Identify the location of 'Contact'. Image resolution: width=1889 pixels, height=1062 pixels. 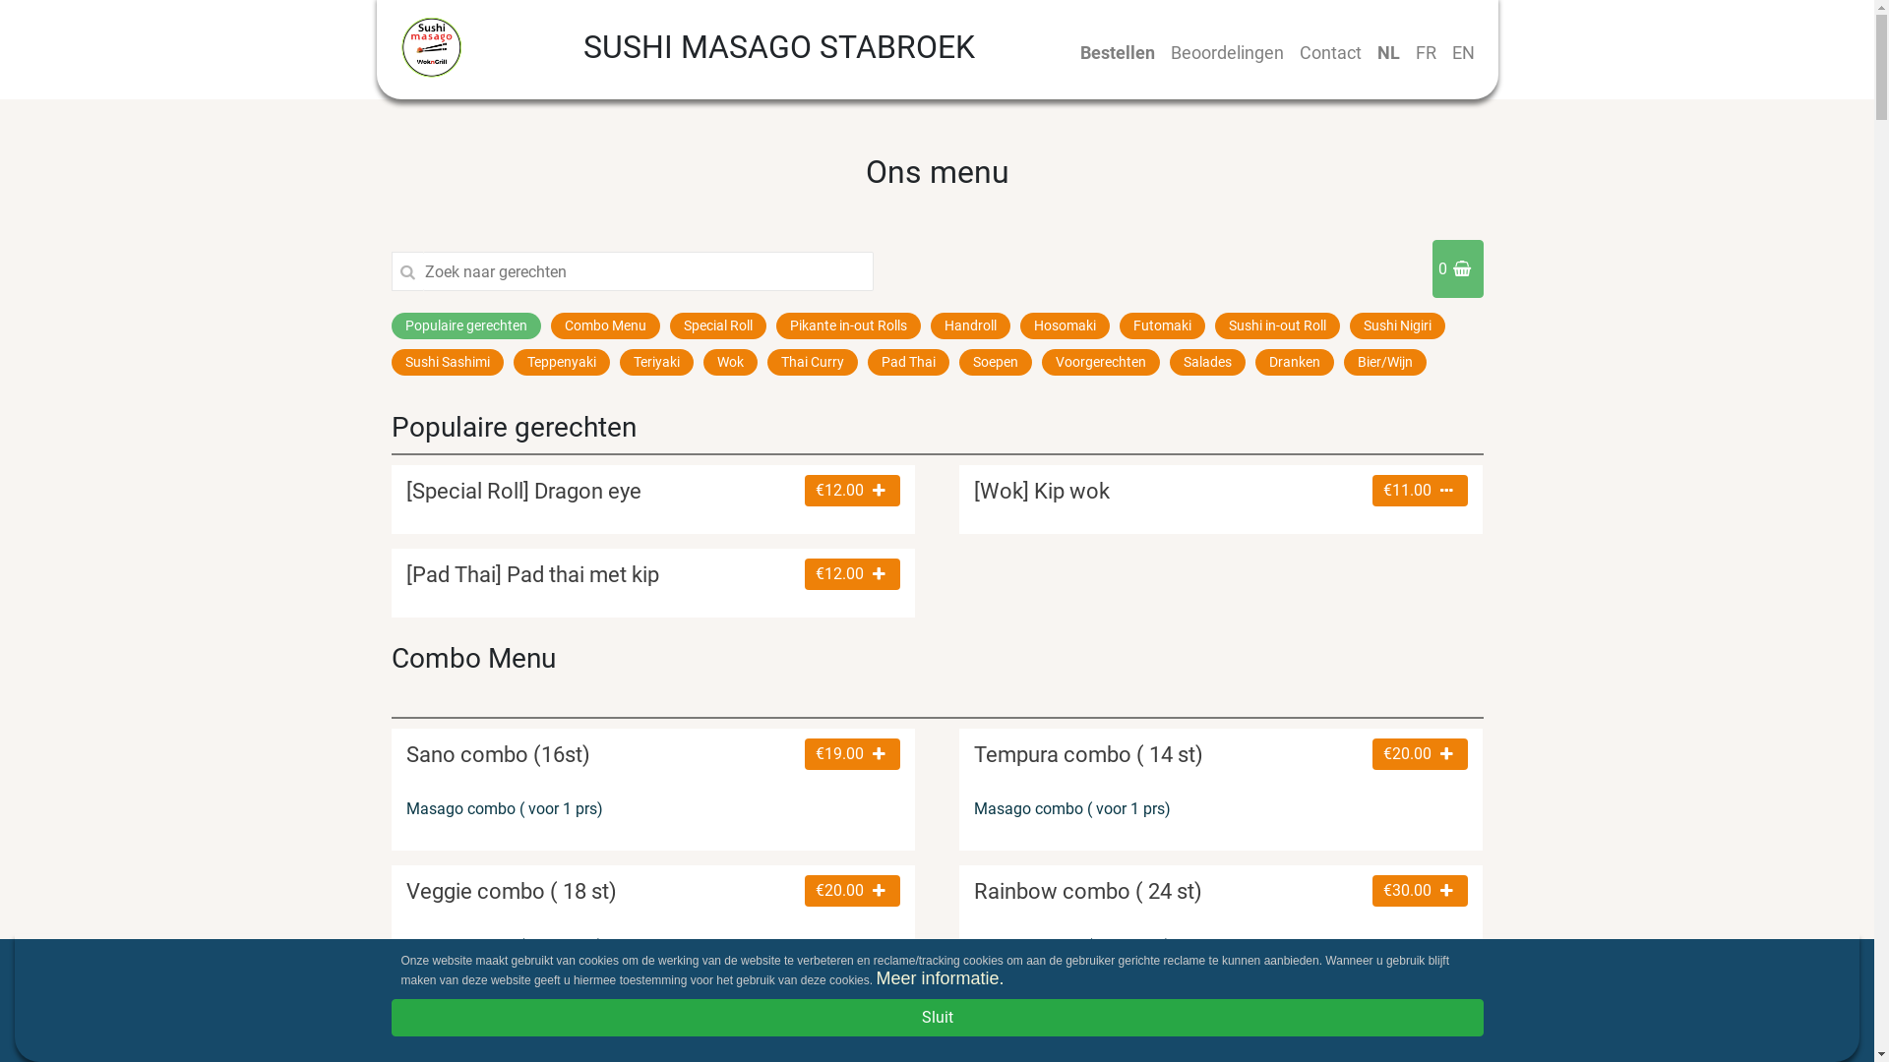
(1329, 51).